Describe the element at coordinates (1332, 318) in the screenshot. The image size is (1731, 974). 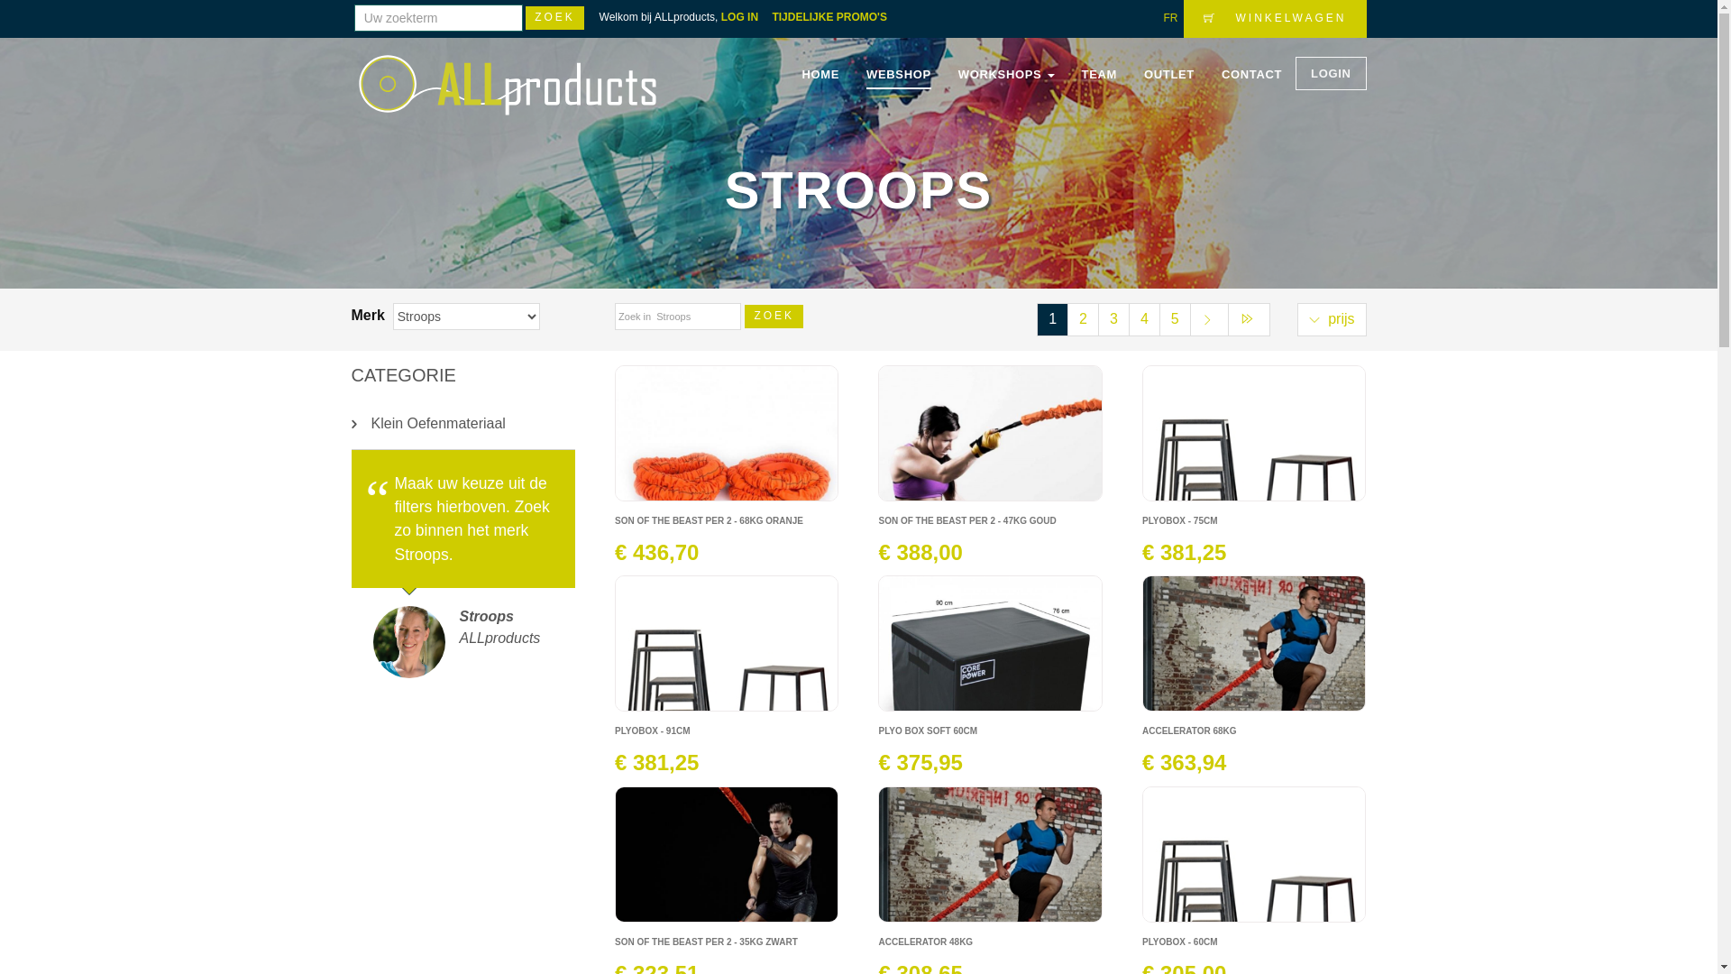
I see `'prijs'` at that location.